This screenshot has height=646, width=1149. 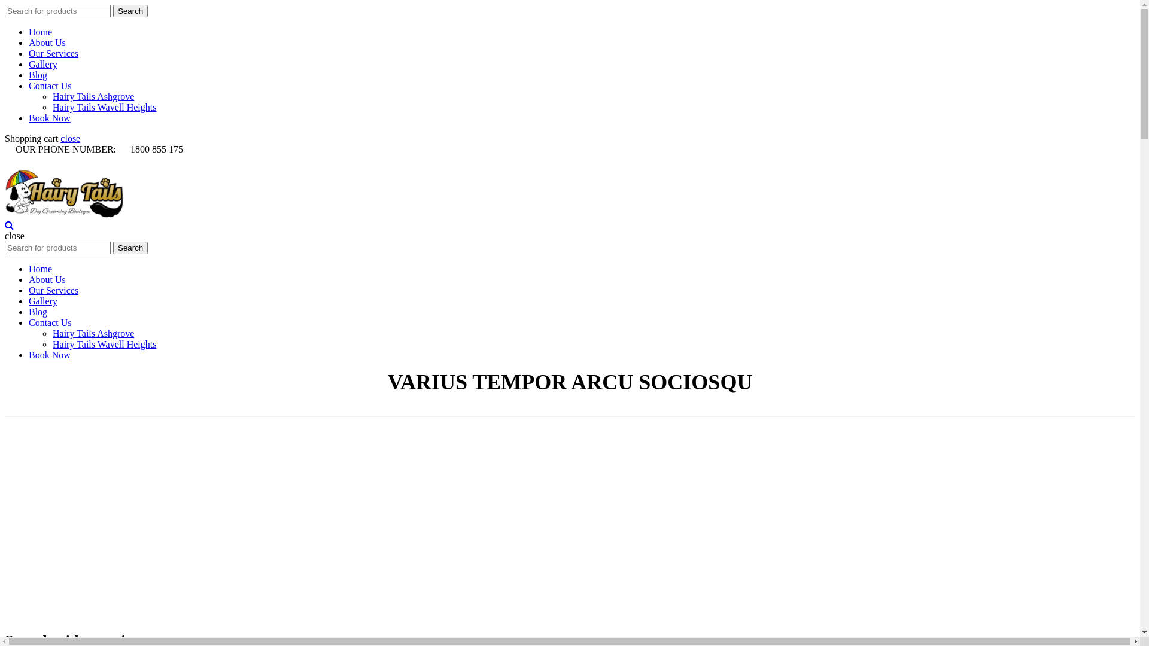 I want to click on 'Book Now', so click(x=48, y=354).